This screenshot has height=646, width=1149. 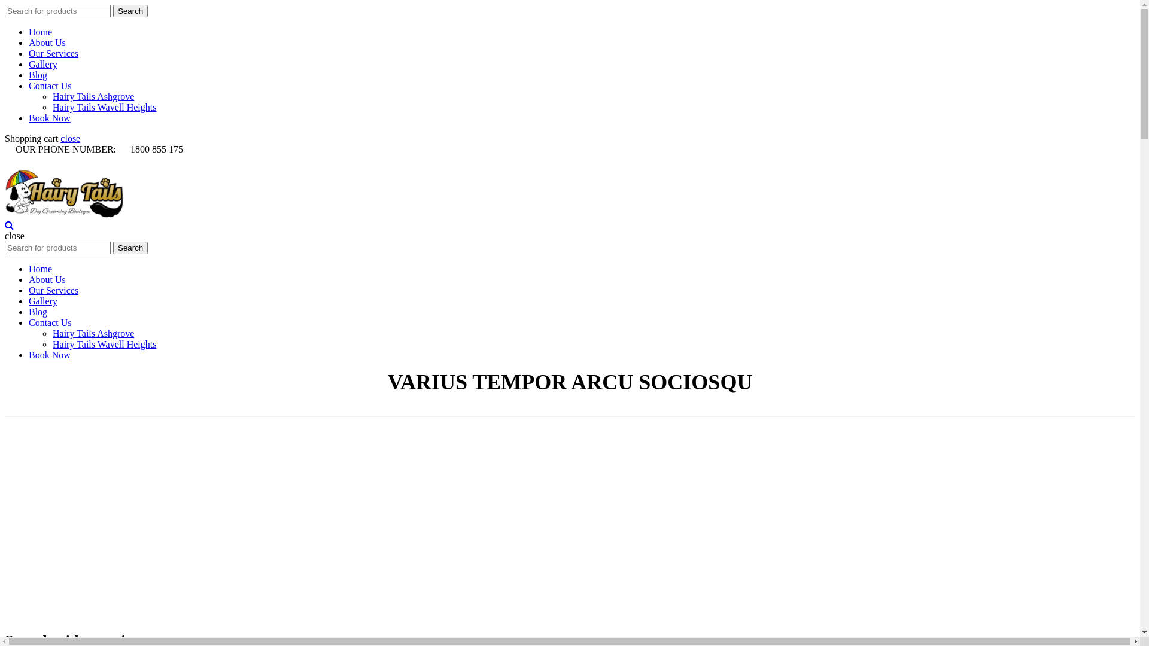 I want to click on 'Book Now', so click(x=48, y=354).